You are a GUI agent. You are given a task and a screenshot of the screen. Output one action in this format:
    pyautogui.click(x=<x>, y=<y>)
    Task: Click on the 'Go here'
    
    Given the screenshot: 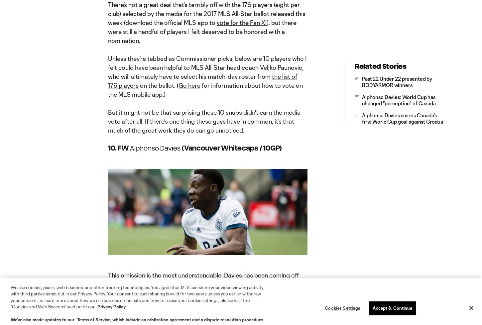 What is the action you would take?
    pyautogui.click(x=189, y=85)
    